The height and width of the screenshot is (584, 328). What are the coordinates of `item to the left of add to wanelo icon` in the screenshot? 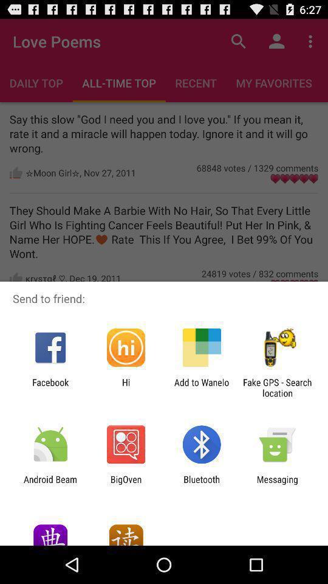 It's located at (125, 387).